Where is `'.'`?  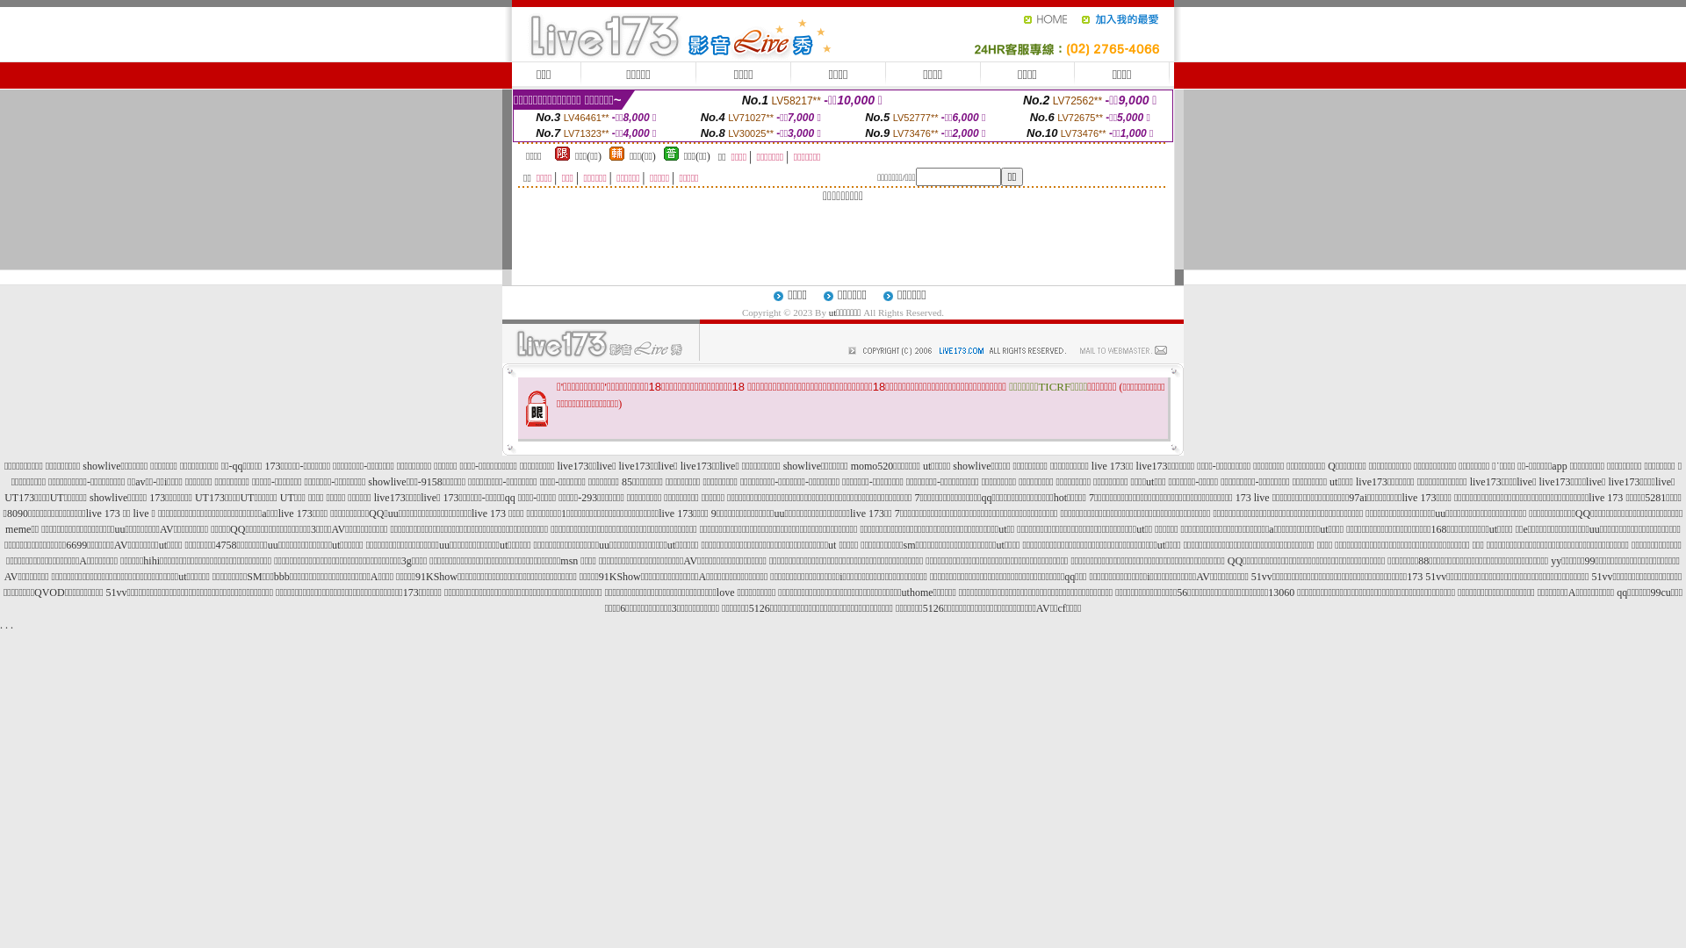 '.' is located at coordinates (11, 624).